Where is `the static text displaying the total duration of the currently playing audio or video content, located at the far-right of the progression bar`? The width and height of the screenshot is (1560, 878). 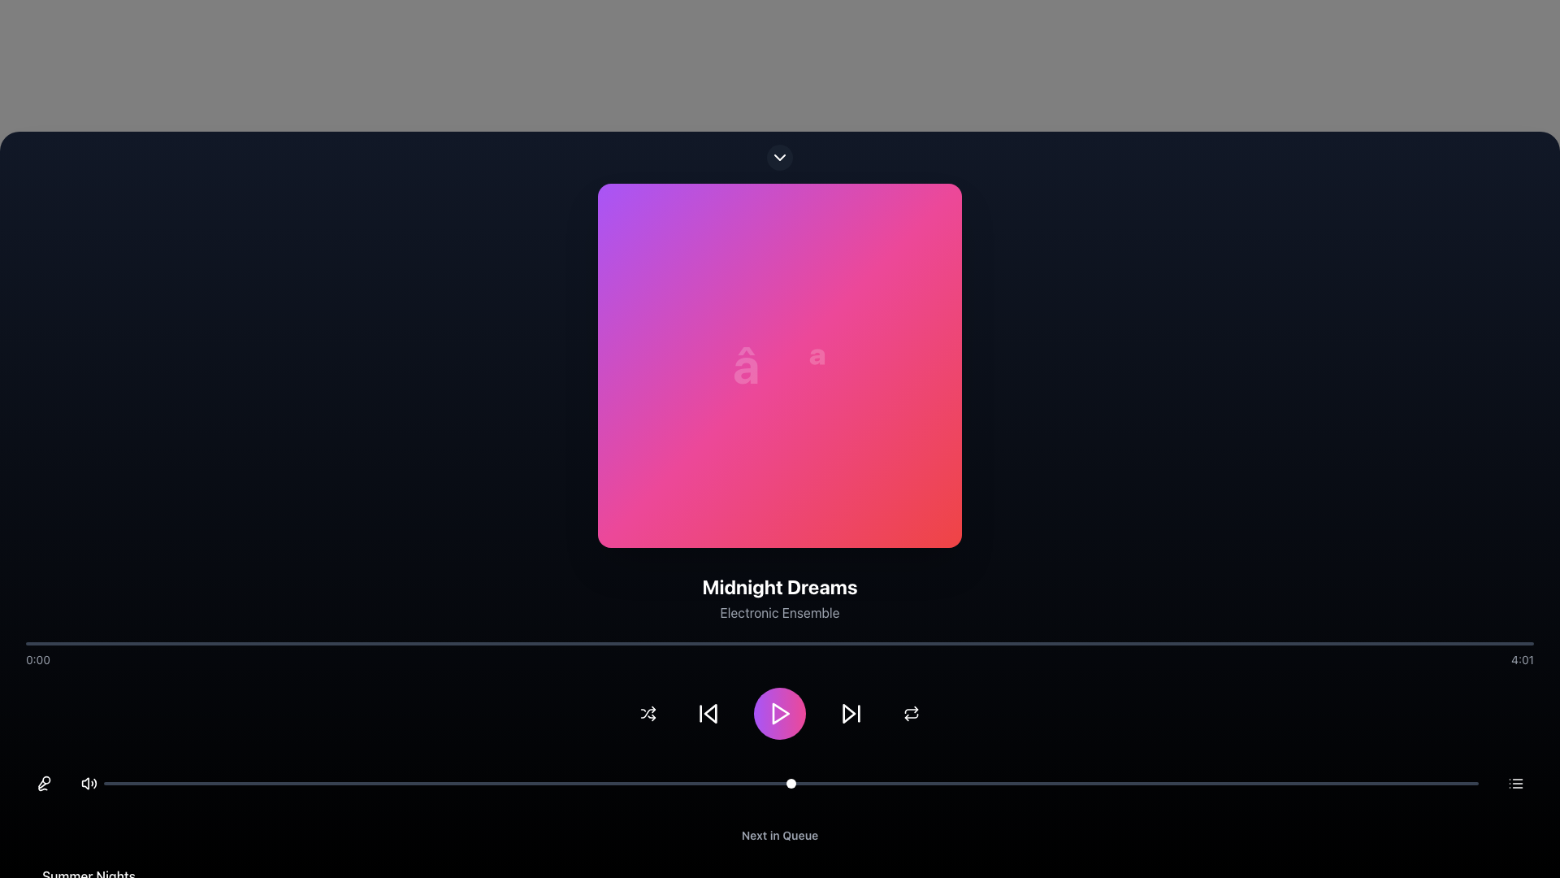 the static text displaying the total duration of the currently playing audio or video content, located at the far-right of the progression bar is located at coordinates (1522, 660).